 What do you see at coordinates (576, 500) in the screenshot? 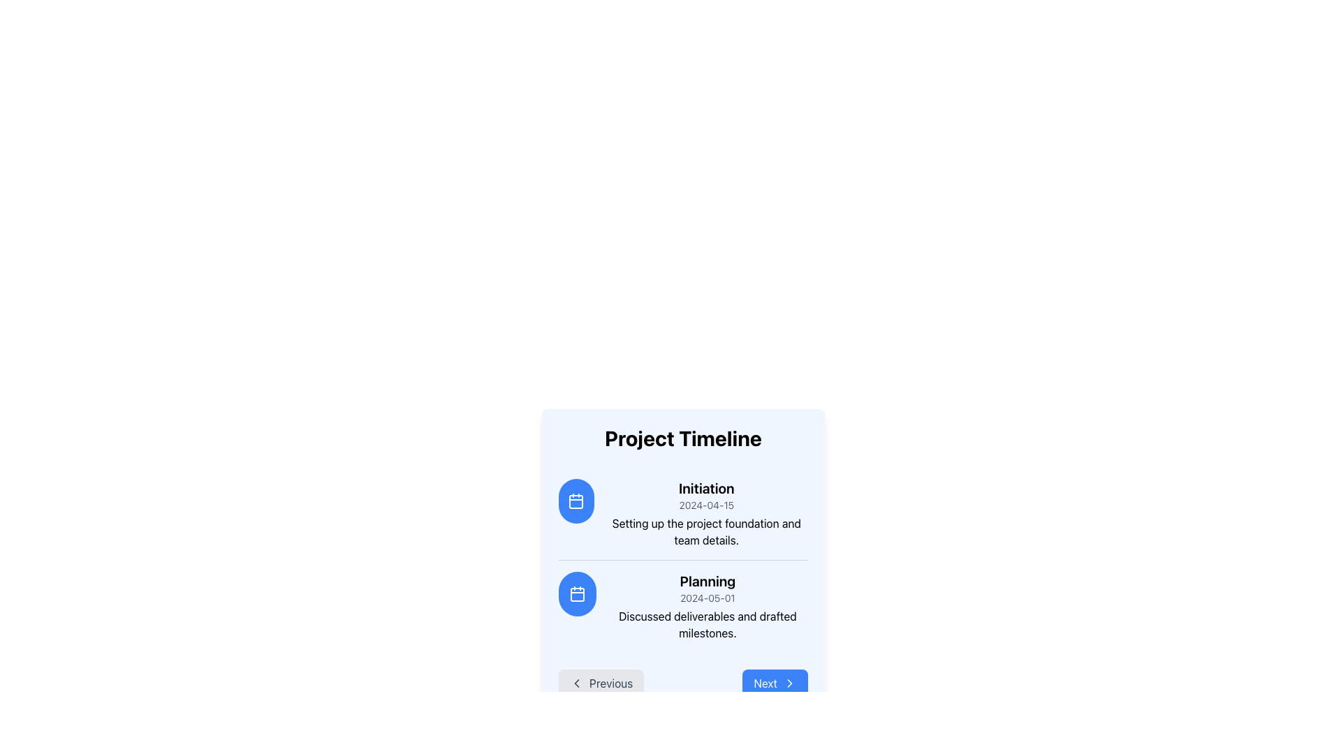
I see `the first calendar icon in the Project Timeline card, which is within a blue circular background to the left of the 'Initiation' heading` at bounding box center [576, 500].